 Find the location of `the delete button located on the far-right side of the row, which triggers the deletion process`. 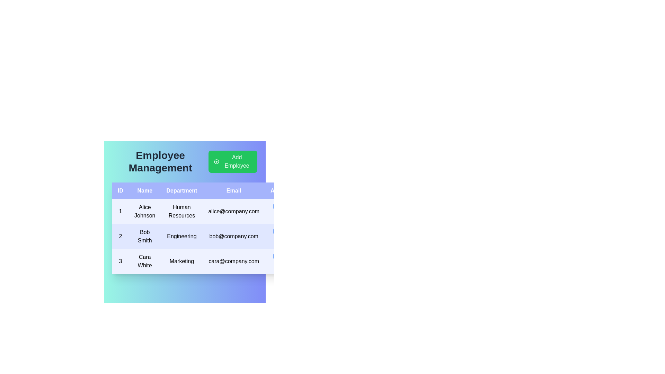

the delete button located on the far-right side of the row, which triggers the deletion process is located at coordinates (285, 256).